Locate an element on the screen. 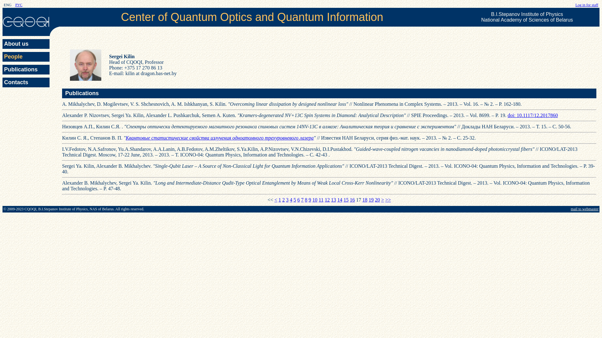 This screenshot has height=338, width=602. 'Contacts' is located at coordinates (25, 82).